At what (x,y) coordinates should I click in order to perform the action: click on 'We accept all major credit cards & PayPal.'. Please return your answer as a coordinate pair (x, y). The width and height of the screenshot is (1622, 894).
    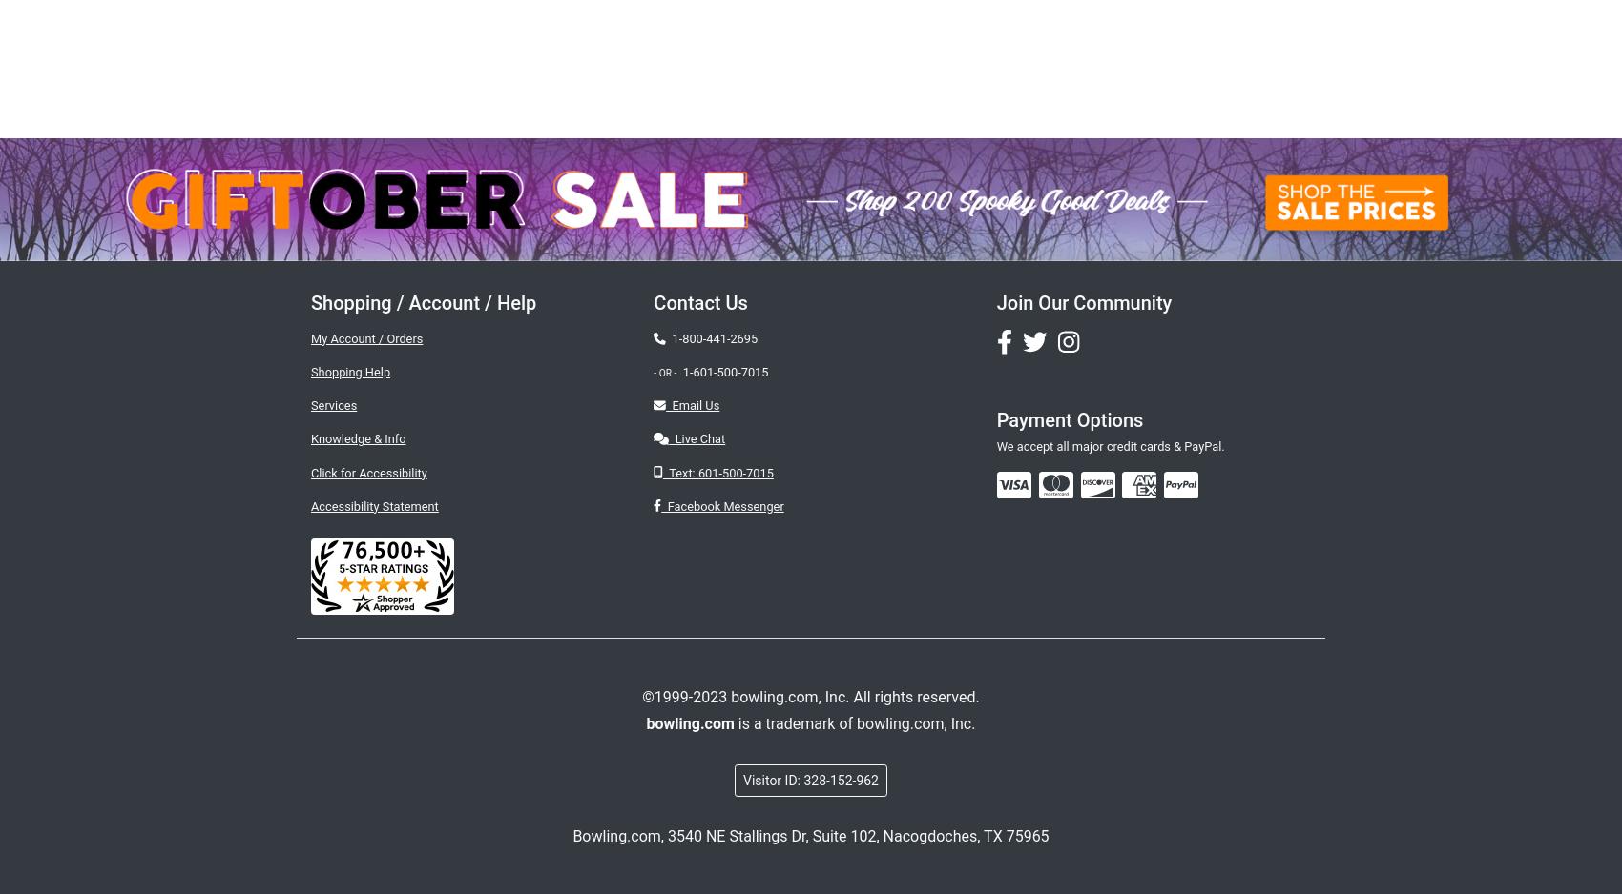
    Looking at the image, I should click on (994, 445).